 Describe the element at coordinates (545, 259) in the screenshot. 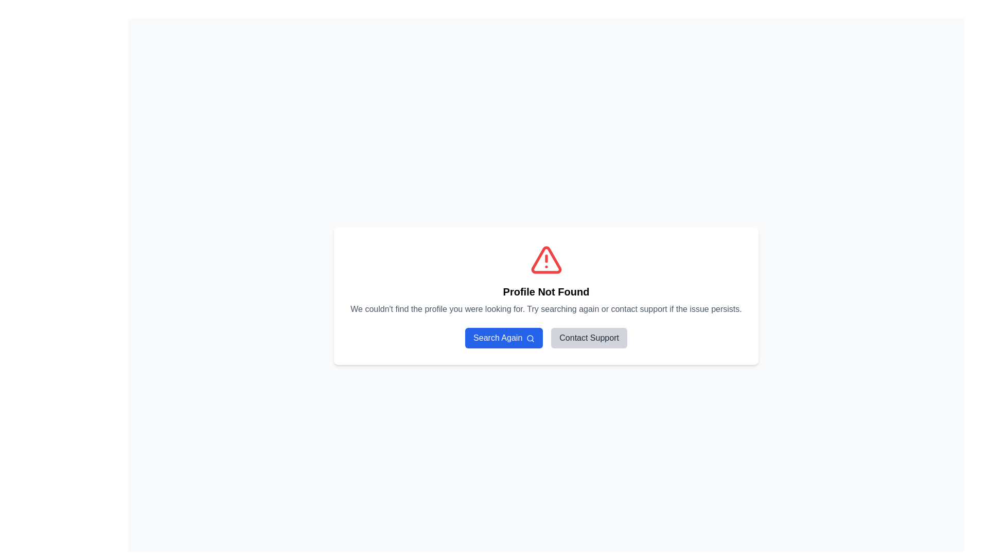

I see `the alert icon that is centrally positioned above the 'Profile Not Found' text, which visually complements the error message` at that location.